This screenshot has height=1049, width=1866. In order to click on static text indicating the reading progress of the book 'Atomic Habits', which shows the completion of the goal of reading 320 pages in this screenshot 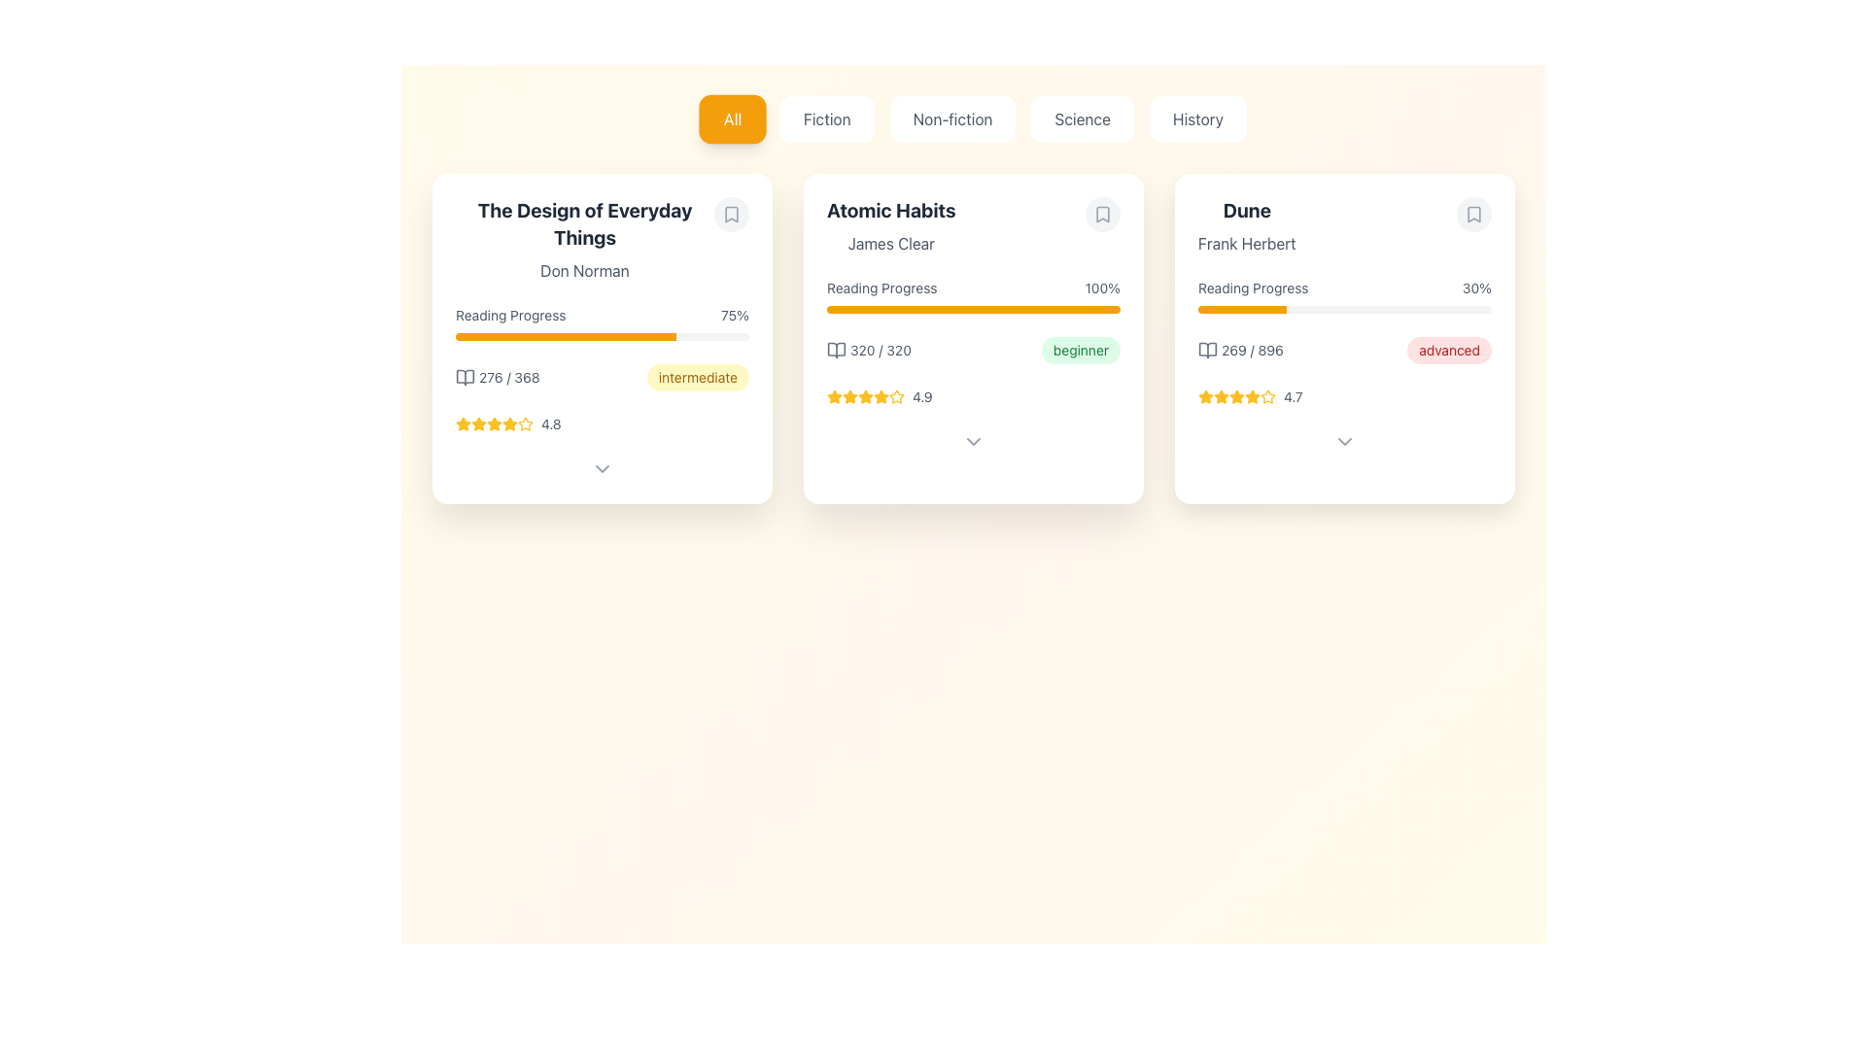, I will do `click(880, 351)`.